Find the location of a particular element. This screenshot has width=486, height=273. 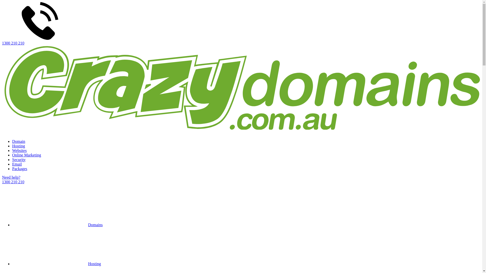

'Hosting' is located at coordinates (18, 146).